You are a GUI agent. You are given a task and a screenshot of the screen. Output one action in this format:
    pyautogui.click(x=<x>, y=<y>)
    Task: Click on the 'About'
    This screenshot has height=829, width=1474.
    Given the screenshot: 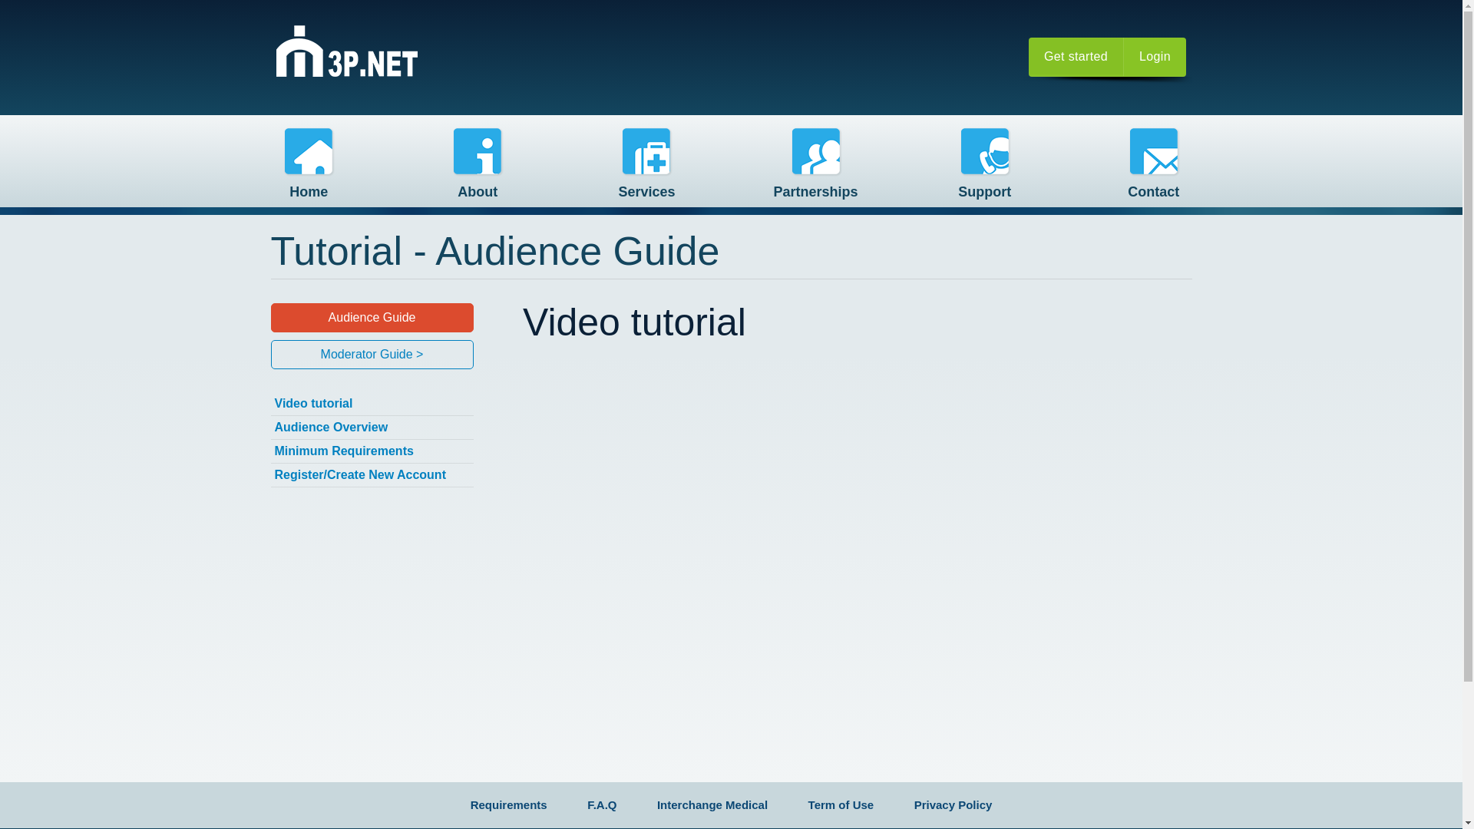 What is the action you would take?
    pyautogui.click(x=477, y=168)
    